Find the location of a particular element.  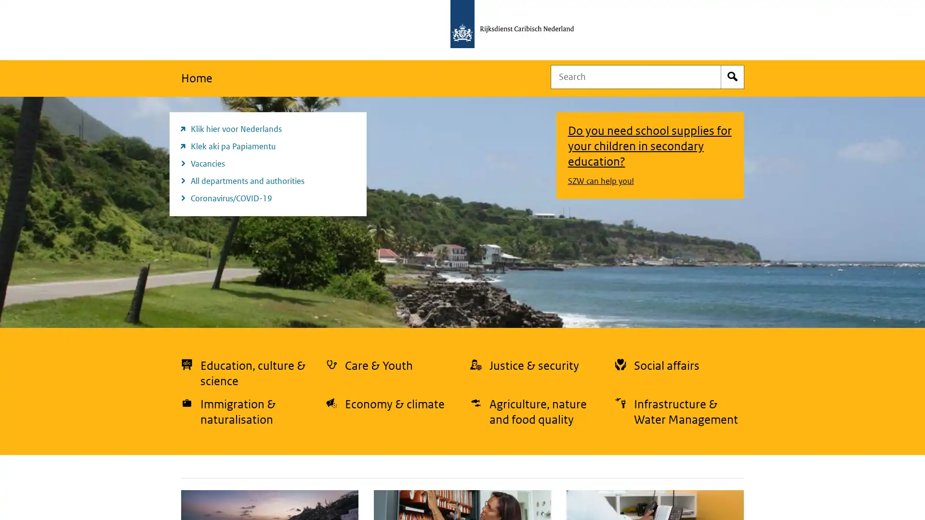

Start search is located at coordinates (732, 76).